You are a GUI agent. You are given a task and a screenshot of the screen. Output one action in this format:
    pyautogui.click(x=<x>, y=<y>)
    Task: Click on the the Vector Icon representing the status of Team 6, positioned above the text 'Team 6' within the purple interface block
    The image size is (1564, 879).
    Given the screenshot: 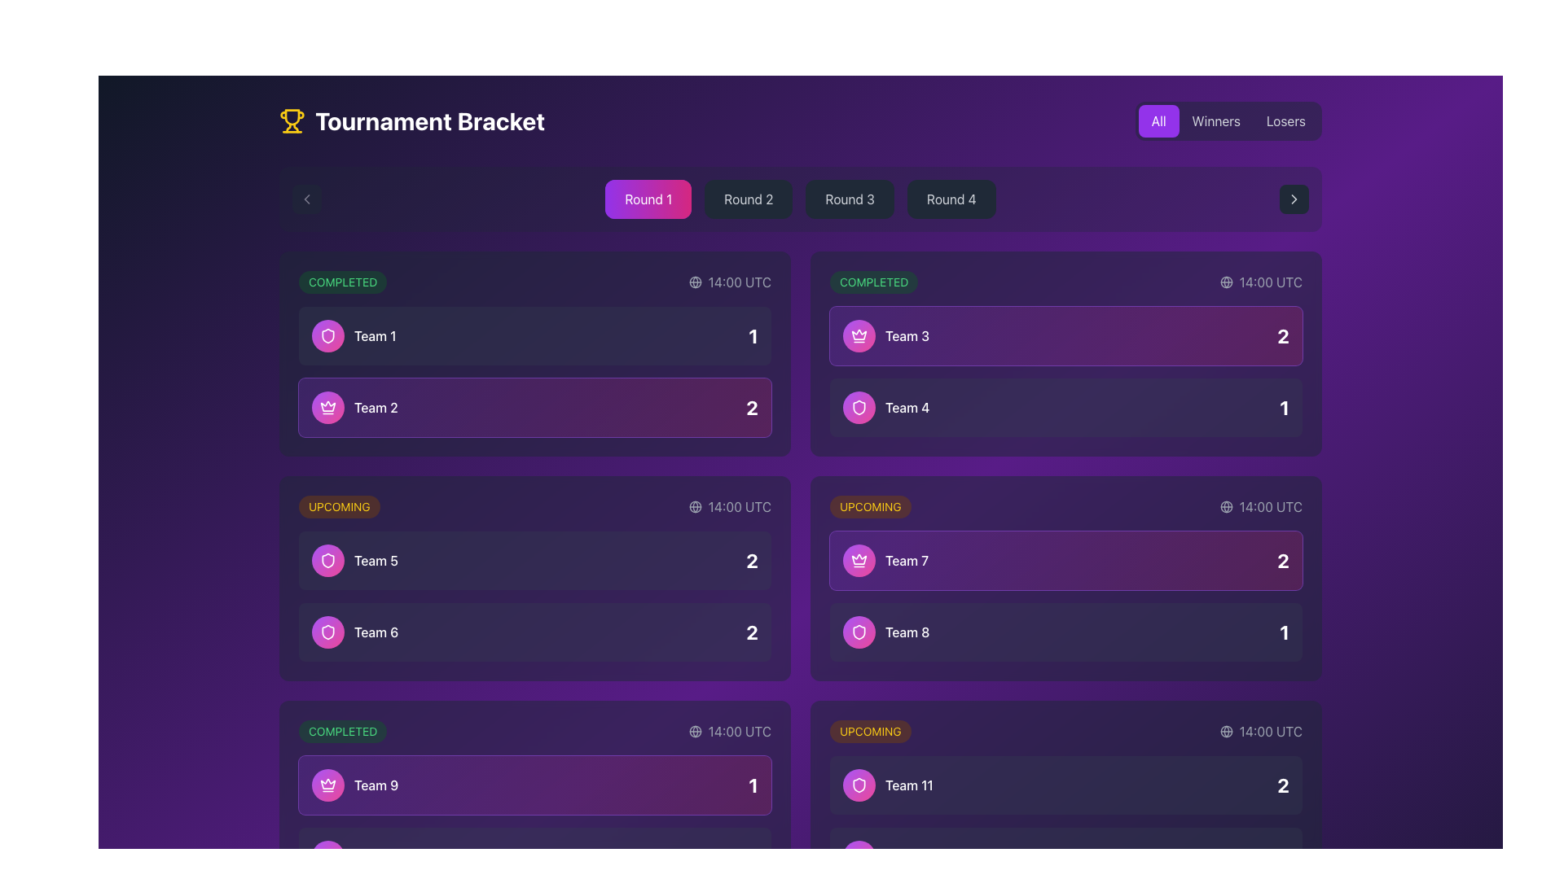 What is the action you would take?
    pyautogui.click(x=327, y=560)
    